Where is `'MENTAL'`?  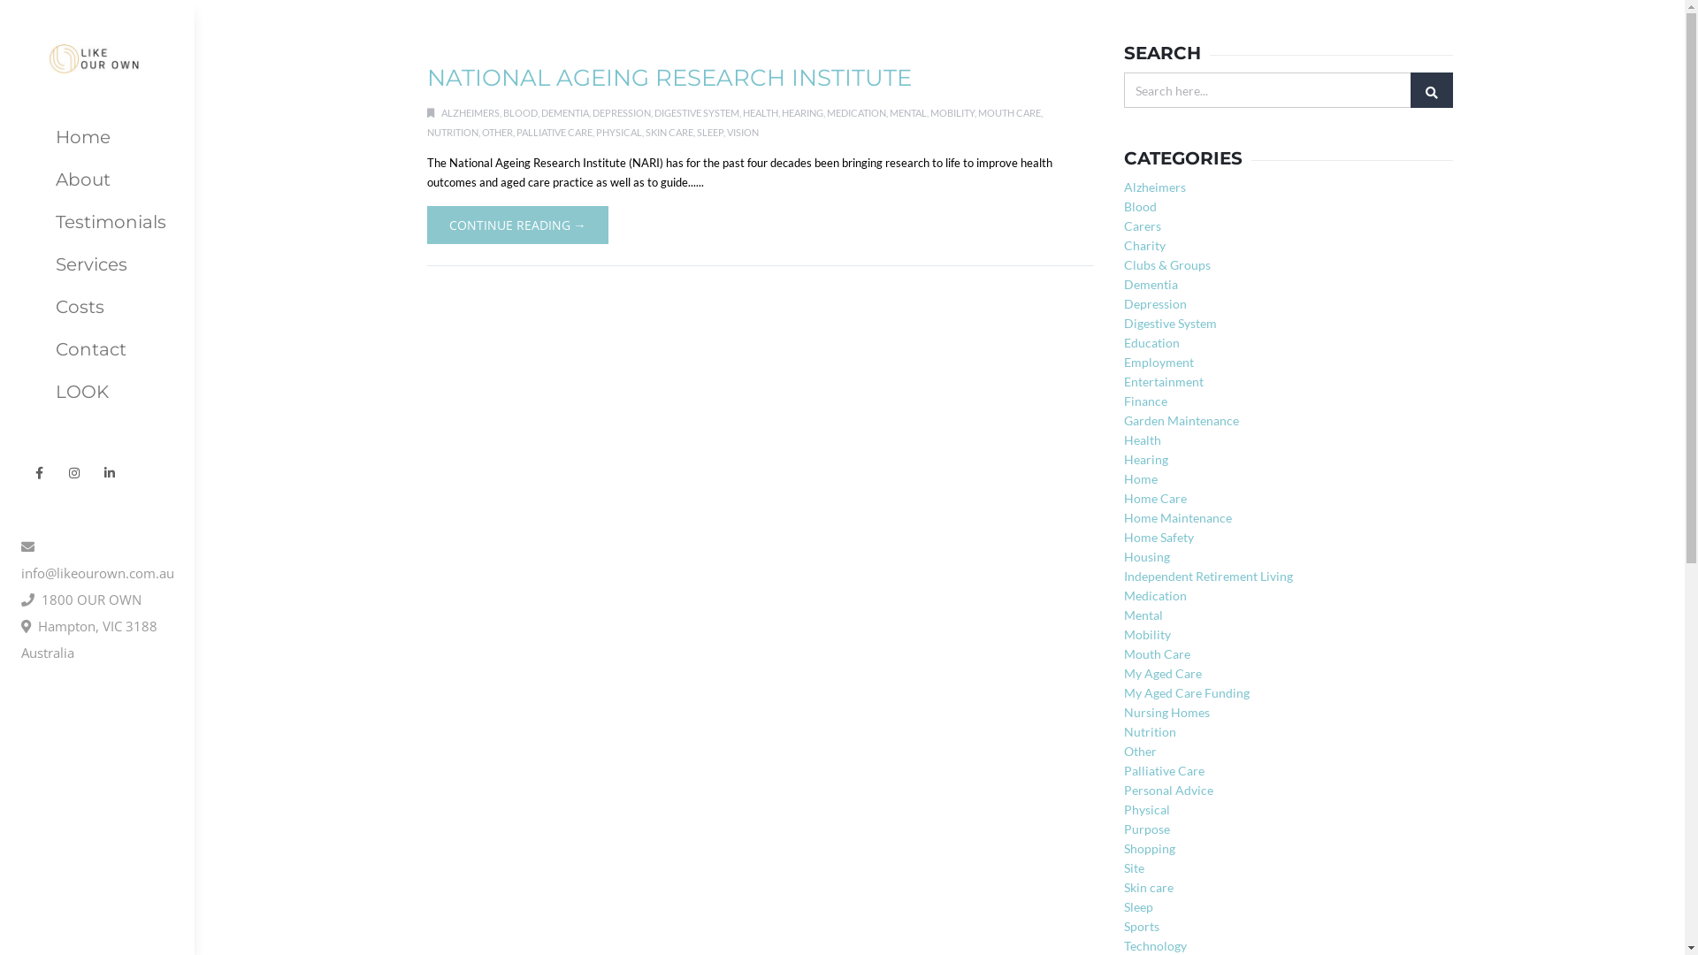
'MENTAL' is located at coordinates (908, 111).